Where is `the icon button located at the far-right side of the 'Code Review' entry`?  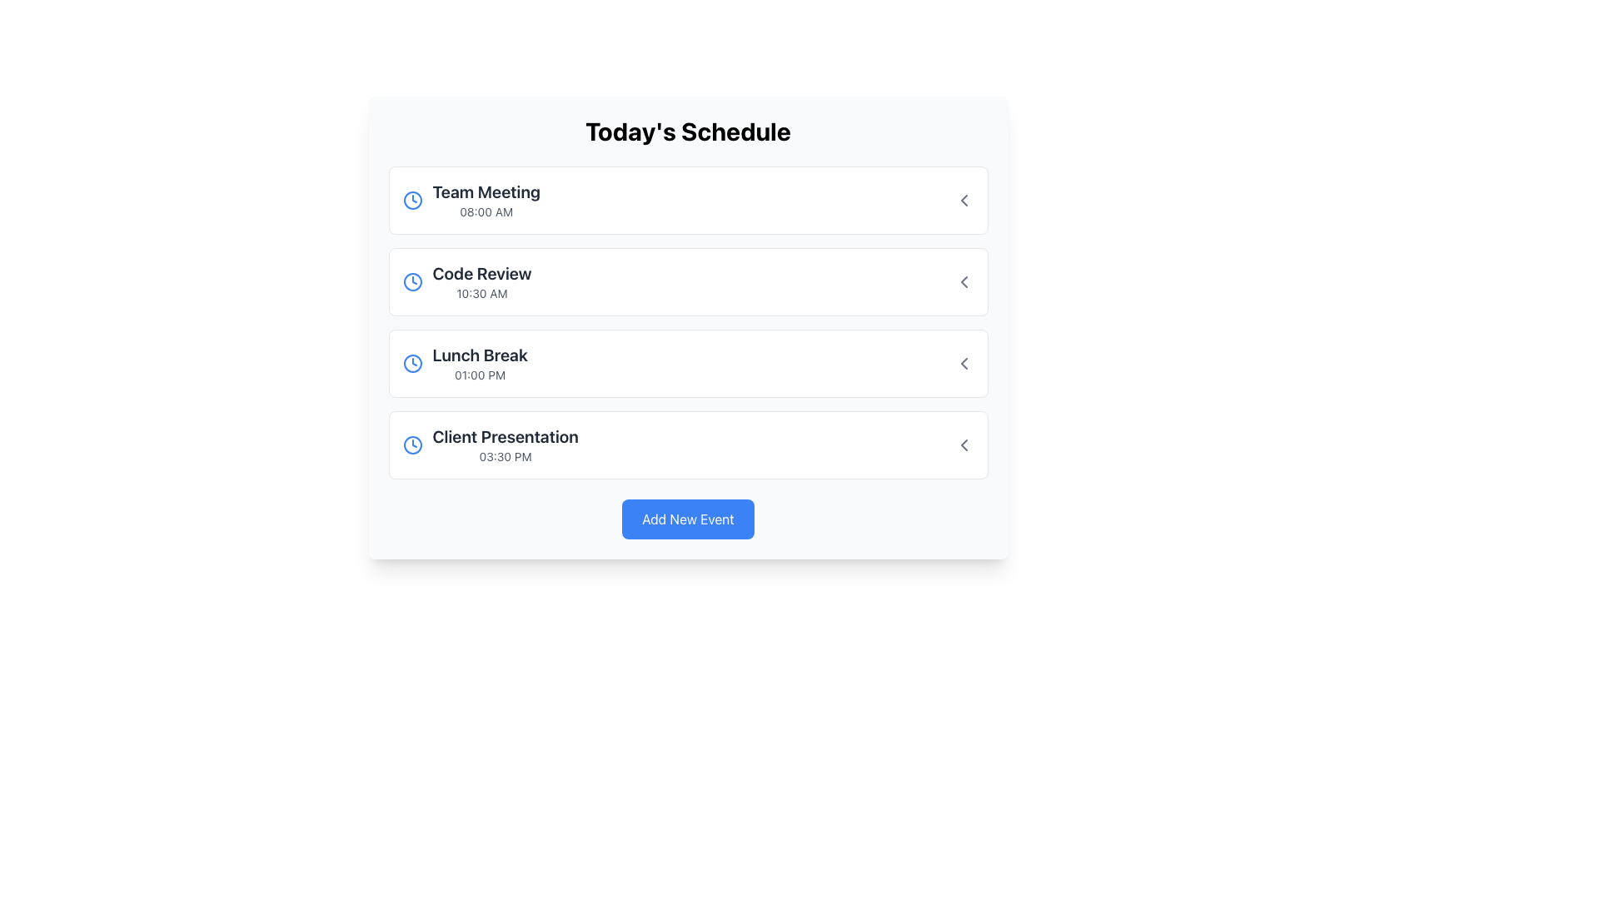 the icon button located at the far-right side of the 'Code Review' entry is located at coordinates (964, 281).